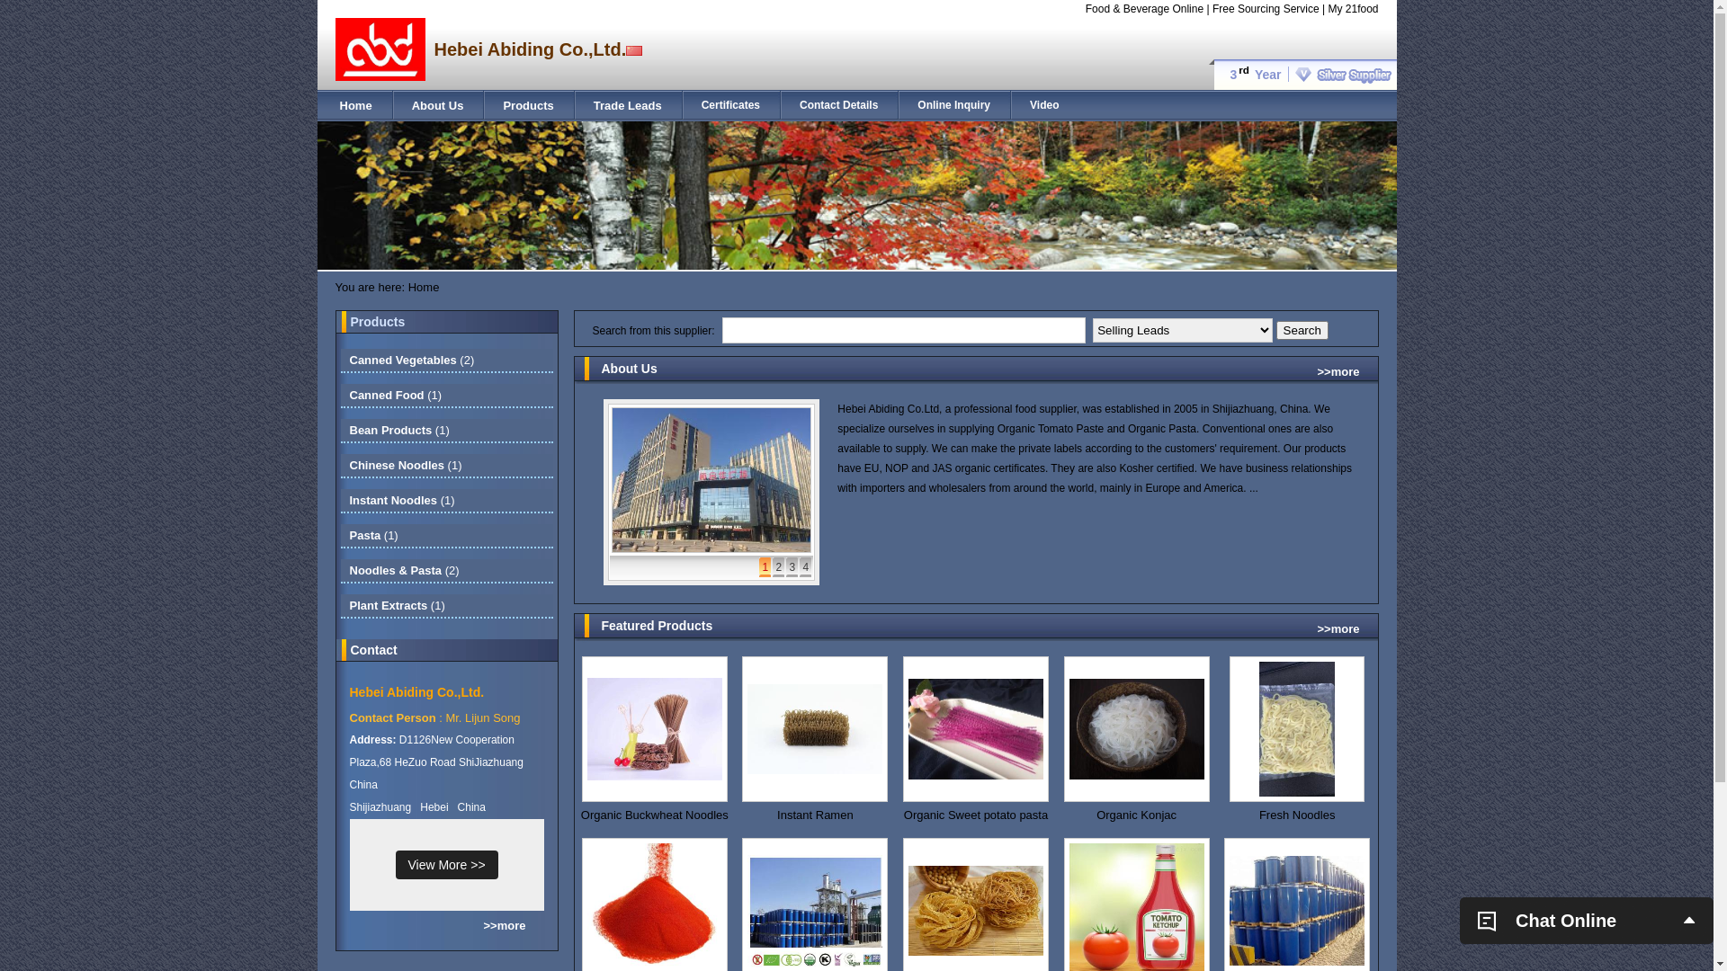 This screenshot has height=971, width=1727. What do you see at coordinates (526, 105) in the screenshot?
I see `'Products'` at bounding box center [526, 105].